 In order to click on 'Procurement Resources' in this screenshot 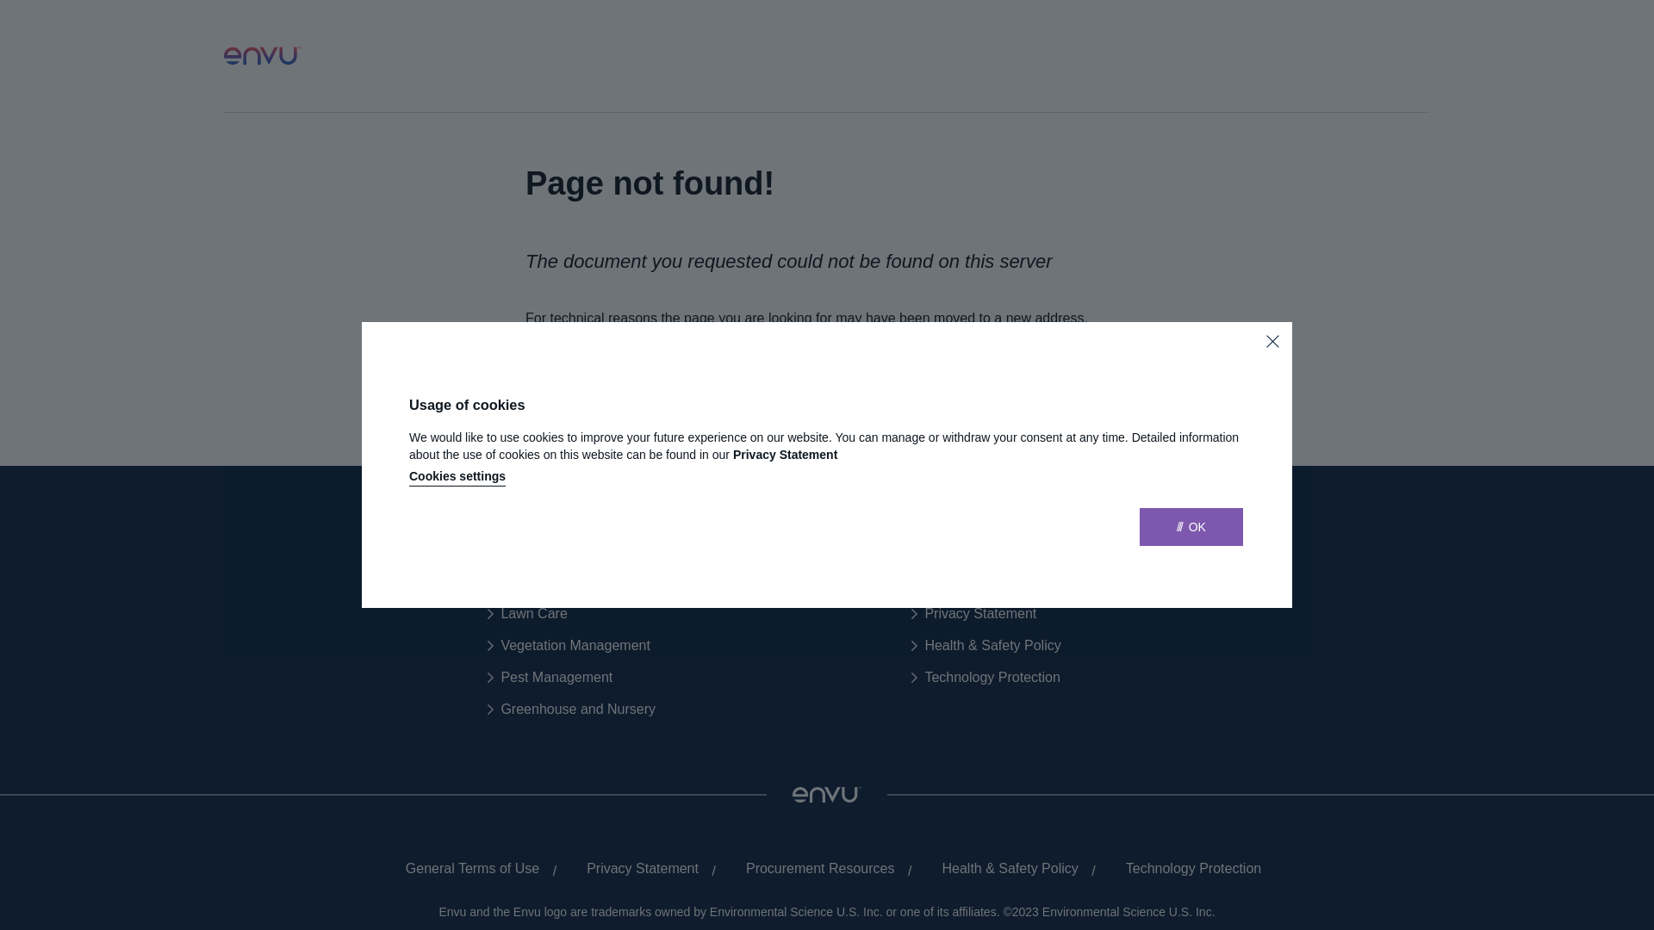, I will do `click(813, 869)`.